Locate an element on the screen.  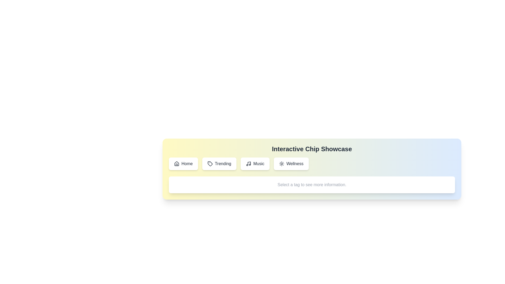
the chip labeled Wellness to observe its hover effect is located at coordinates (291, 164).